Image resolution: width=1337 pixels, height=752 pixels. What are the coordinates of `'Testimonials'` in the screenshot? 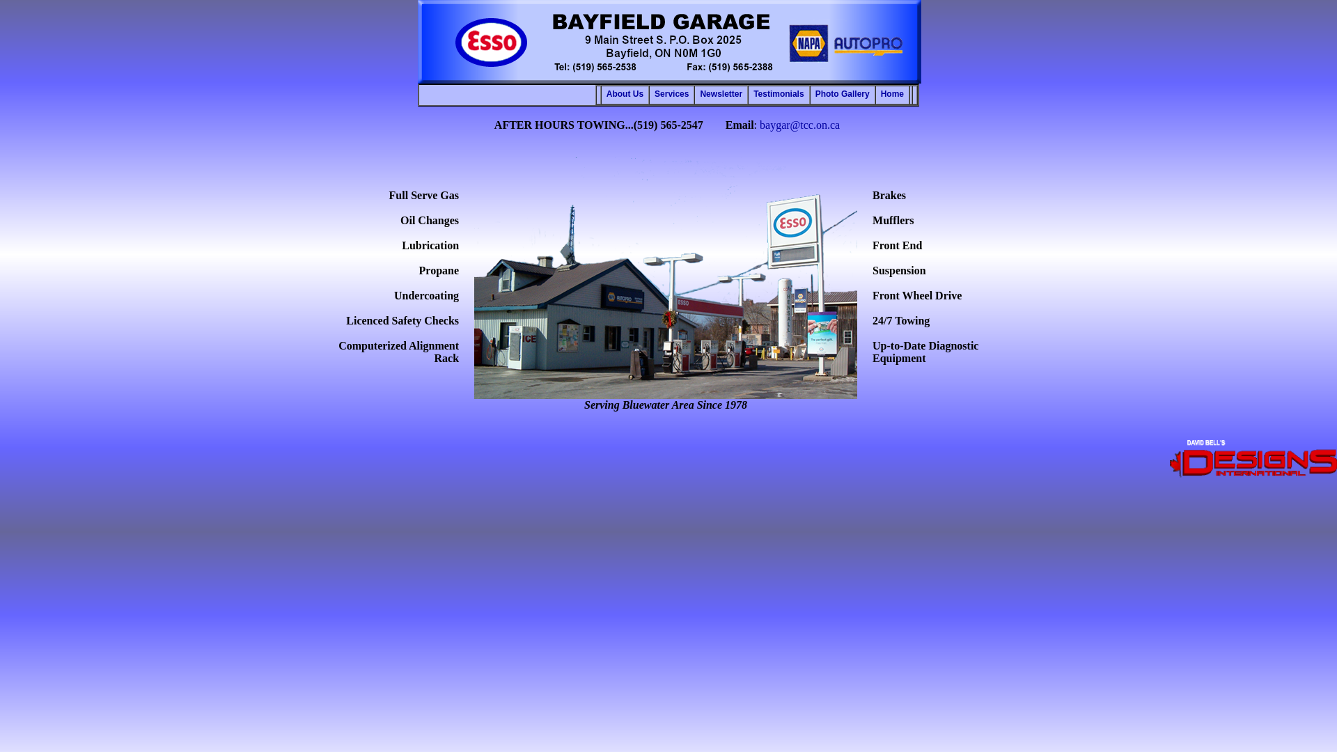 It's located at (778, 94).